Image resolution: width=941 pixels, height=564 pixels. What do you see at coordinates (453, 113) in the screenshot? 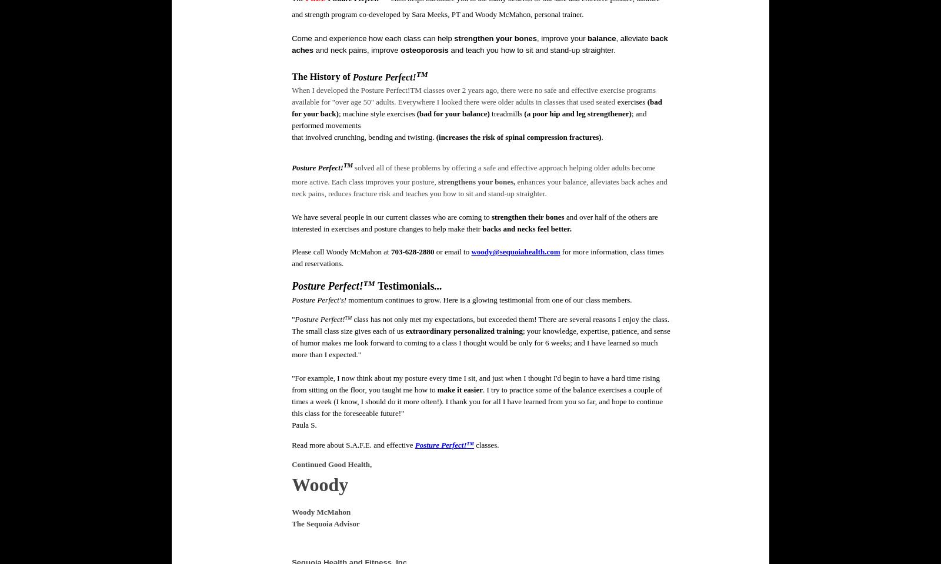
I see `'(bad for your balance)'` at bounding box center [453, 113].